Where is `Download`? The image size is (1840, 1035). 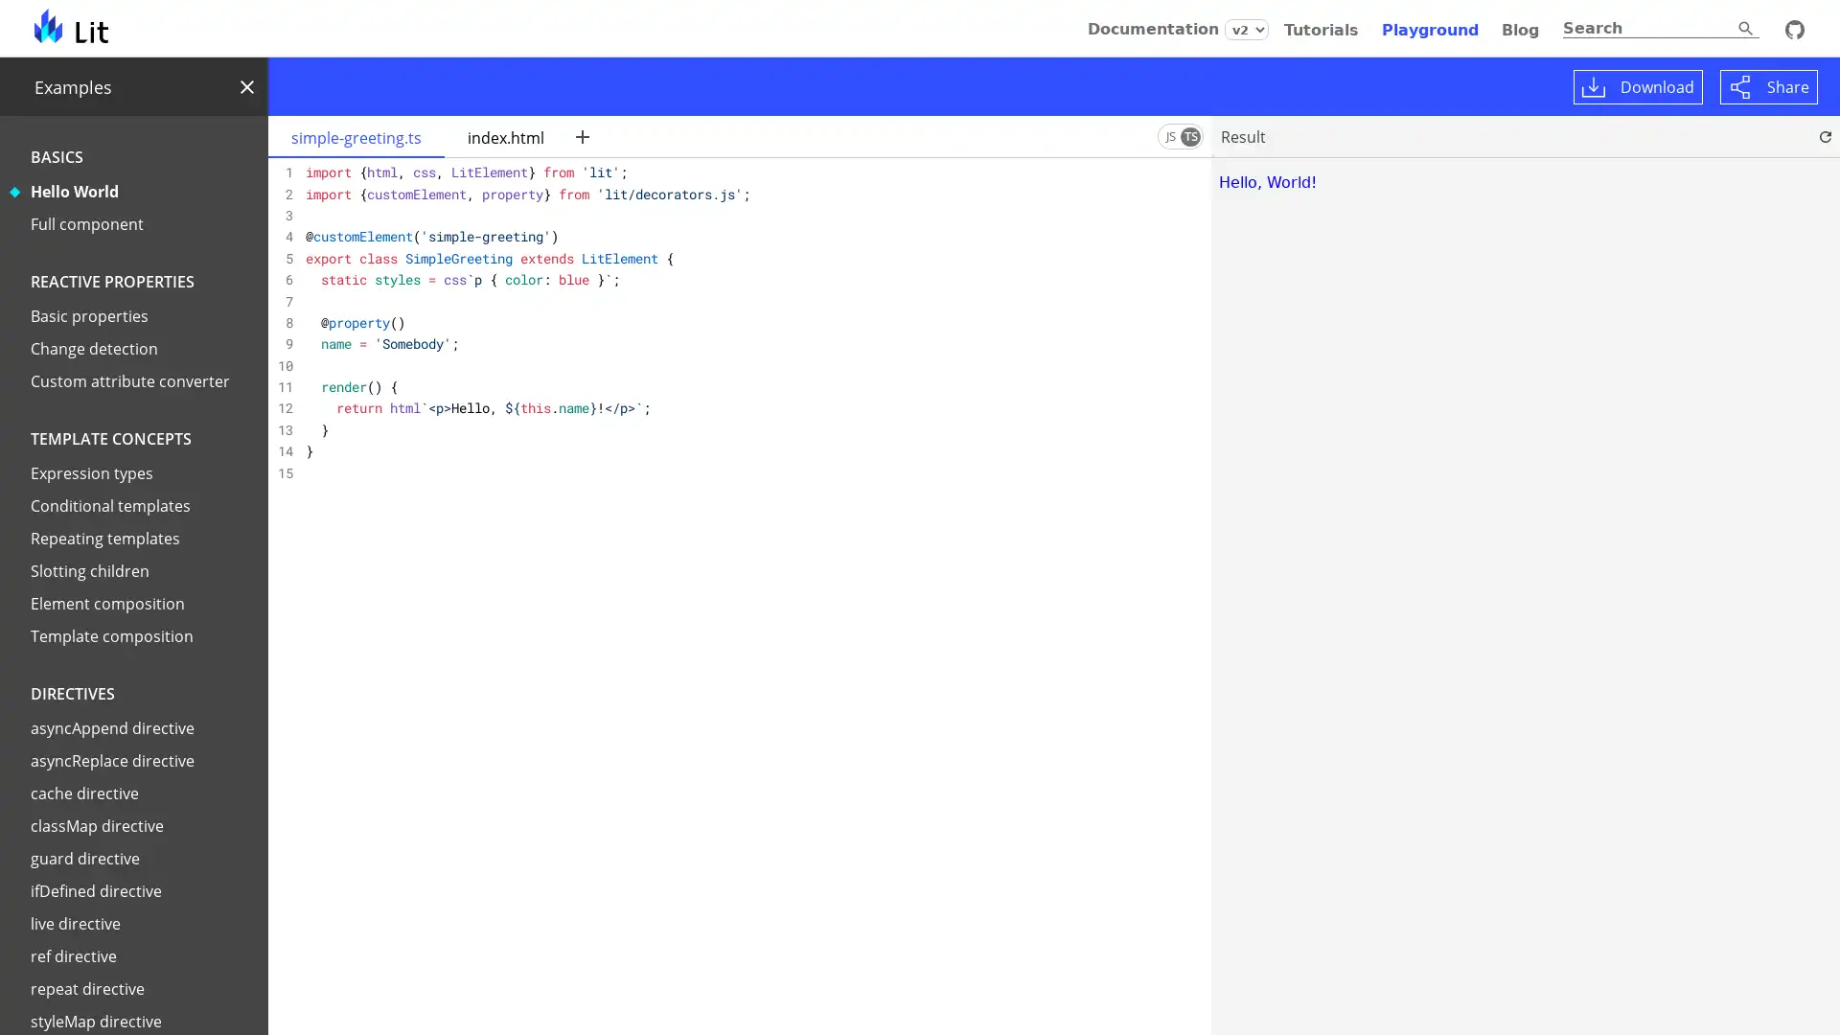
Download is located at coordinates (1636, 84).